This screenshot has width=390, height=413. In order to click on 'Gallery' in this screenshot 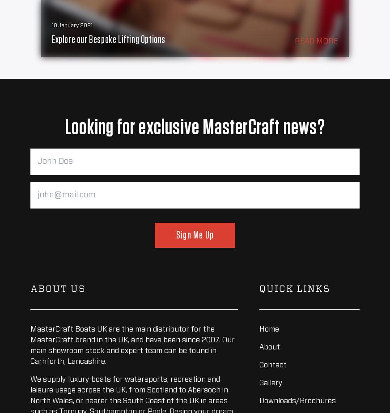, I will do `click(271, 382)`.